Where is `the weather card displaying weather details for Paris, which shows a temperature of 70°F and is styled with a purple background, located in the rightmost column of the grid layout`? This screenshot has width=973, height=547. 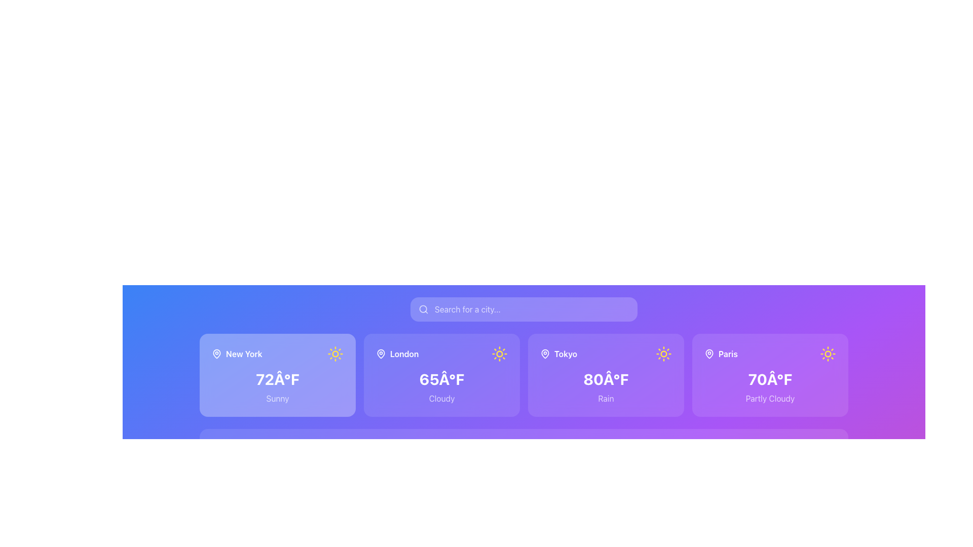
the weather card displaying weather details for Paris, which shows a temperature of 70°F and is styled with a purple background, located in the rightmost column of the grid layout is located at coordinates (770, 375).